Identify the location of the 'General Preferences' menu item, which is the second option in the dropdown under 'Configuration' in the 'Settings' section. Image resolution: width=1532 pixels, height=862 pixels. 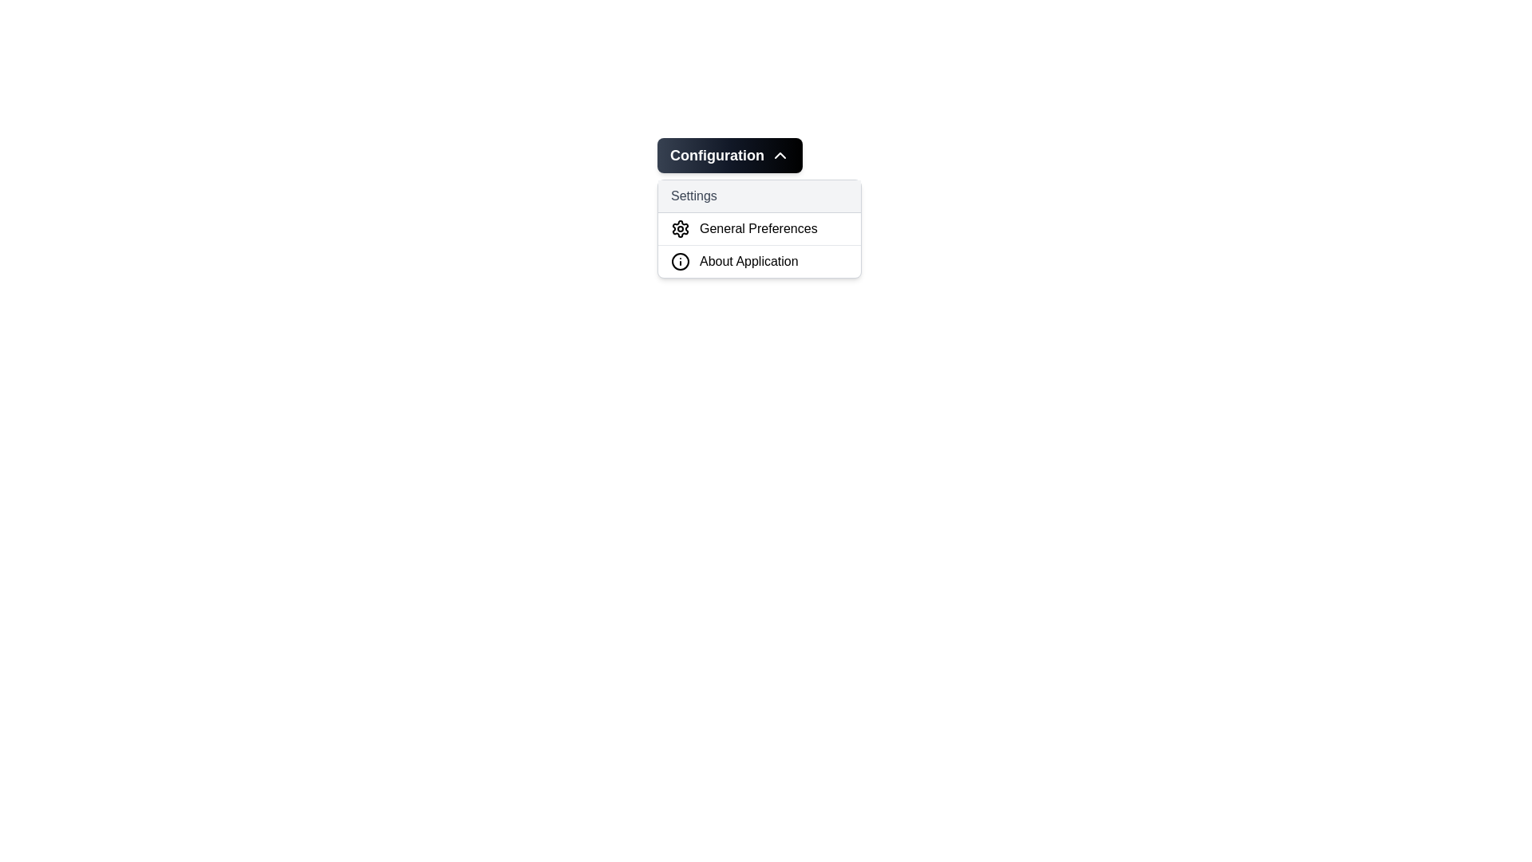
(758, 228).